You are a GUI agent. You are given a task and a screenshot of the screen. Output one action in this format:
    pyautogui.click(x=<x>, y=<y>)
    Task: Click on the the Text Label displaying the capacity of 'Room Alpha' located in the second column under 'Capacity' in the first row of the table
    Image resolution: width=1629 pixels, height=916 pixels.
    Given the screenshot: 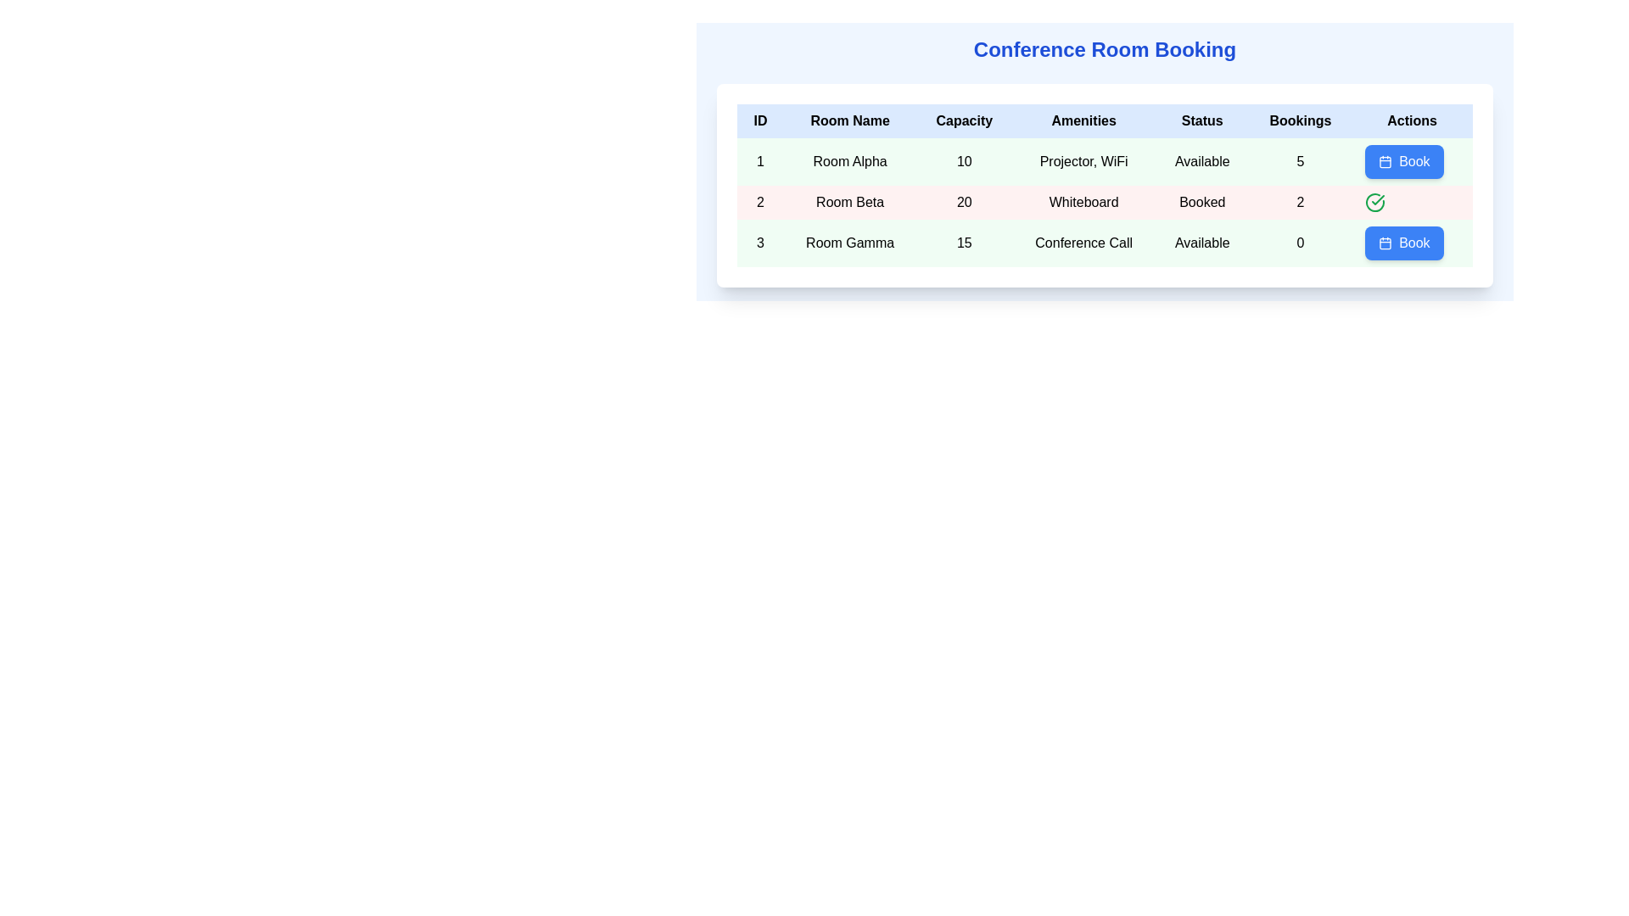 What is the action you would take?
    pyautogui.click(x=964, y=162)
    